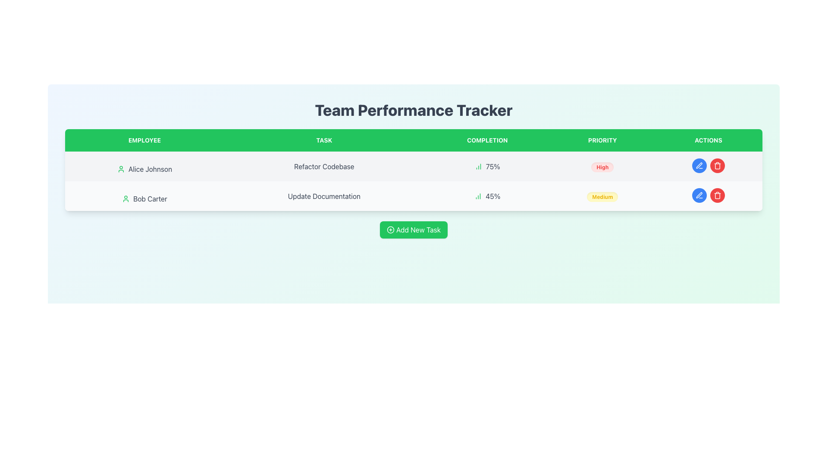 The image size is (828, 465). What do you see at coordinates (323, 166) in the screenshot?
I see `the text label that displays 'Refactor Codebase', located in the second column of the first row of a structured table layout` at bounding box center [323, 166].